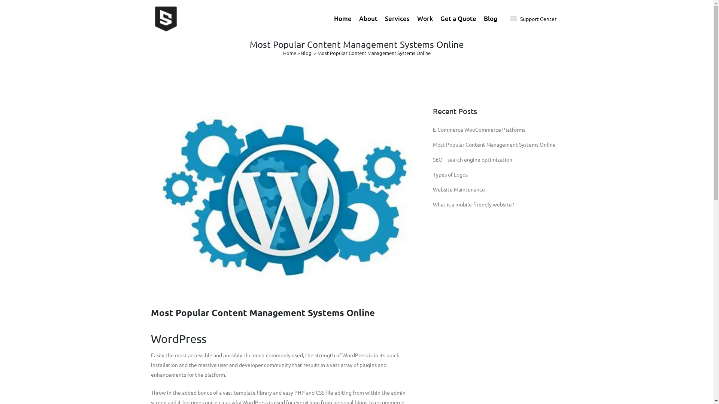 The height and width of the screenshot is (404, 719). What do you see at coordinates (289, 52) in the screenshot?
I see `'Home'` at bounding box center [289, 52].